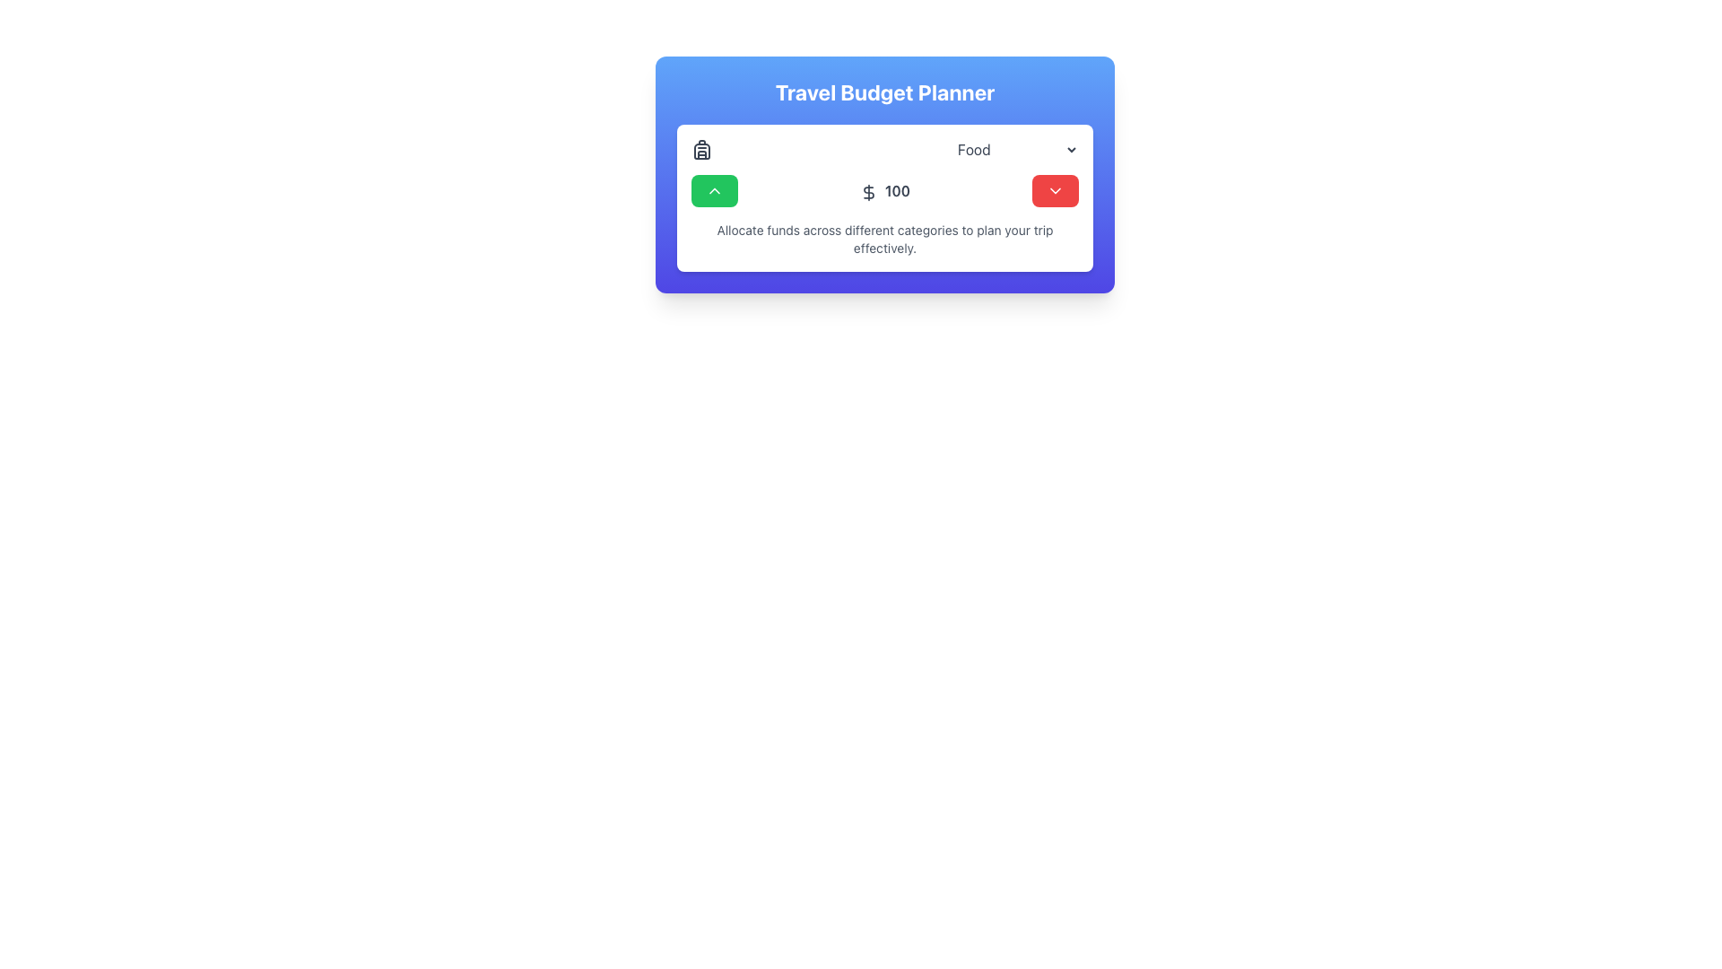 This screenshot has height=969, width=1722. What do you see at coordinates (885, 190) in the screenshot?
I see `the numeric value '100' displayed in bold text, which is centrally located in the 'fund allocation' bar under the header 'Travel Budget Planner', positioned between the green upward-pointing arrow button and the red downward-pointing arrow button` at bounding box center [885, 190].